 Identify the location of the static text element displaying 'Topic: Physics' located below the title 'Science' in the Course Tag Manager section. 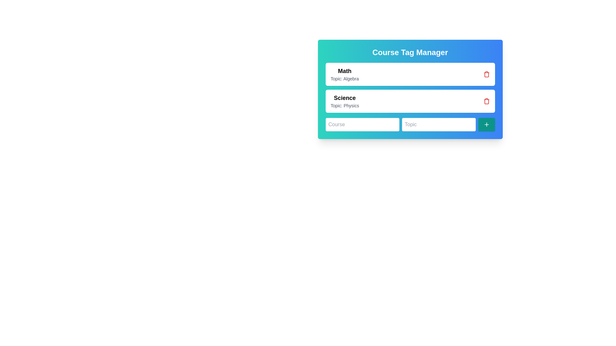
(344, 105).